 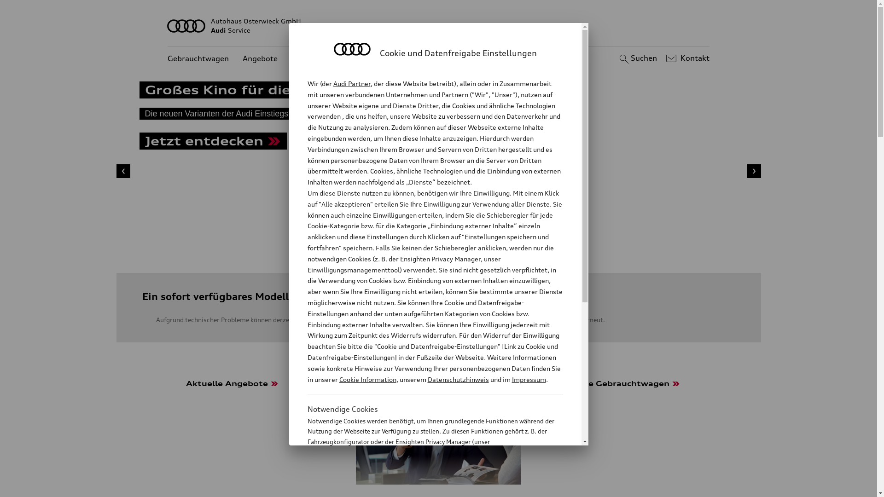 I want to click on 'Jetzt entdecken', so click(x=212, y=142).